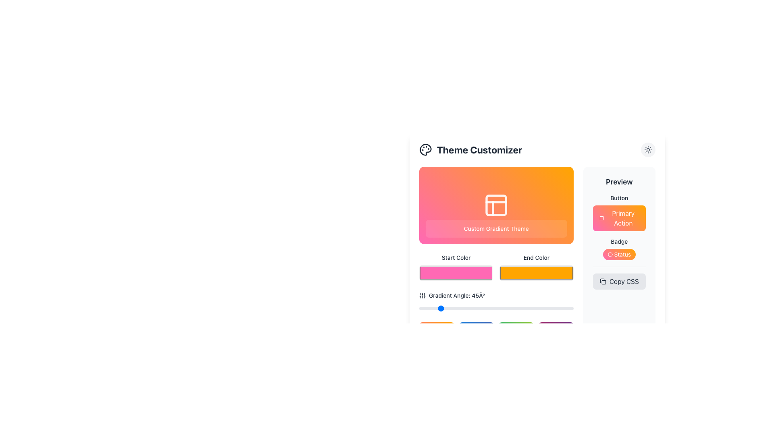 The image size is (774, 435). I want to click on decorative circle icon located to the left of the 'Status' text in the Preview section of the interface, so click(610, 255).